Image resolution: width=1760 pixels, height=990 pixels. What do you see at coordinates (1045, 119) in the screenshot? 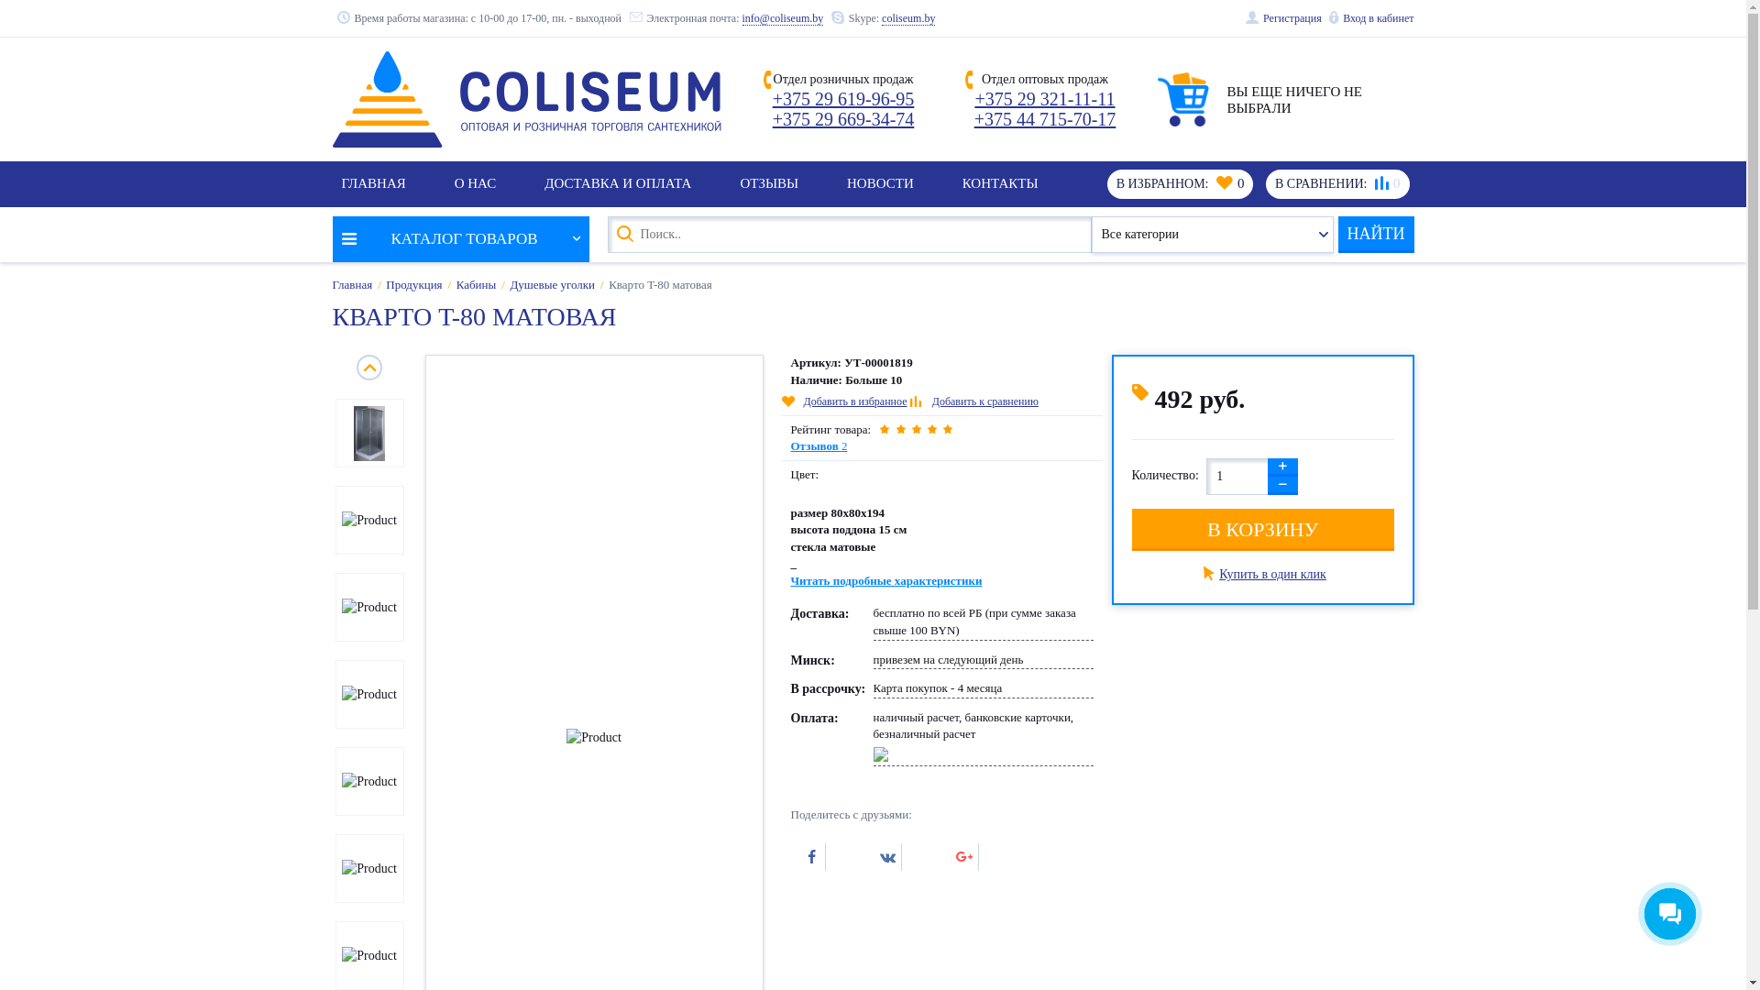
I see `'+375 44 715-70-17'` at bounding box center [1045, 119].